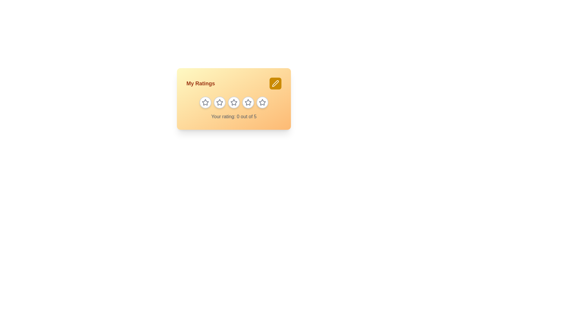 The height and width of the screenshot is (320, 570). What do you see at coordinates (205, 102) in the screenshot?
I see `the first star icon in the rating interface` at bounding box center [205, 102].